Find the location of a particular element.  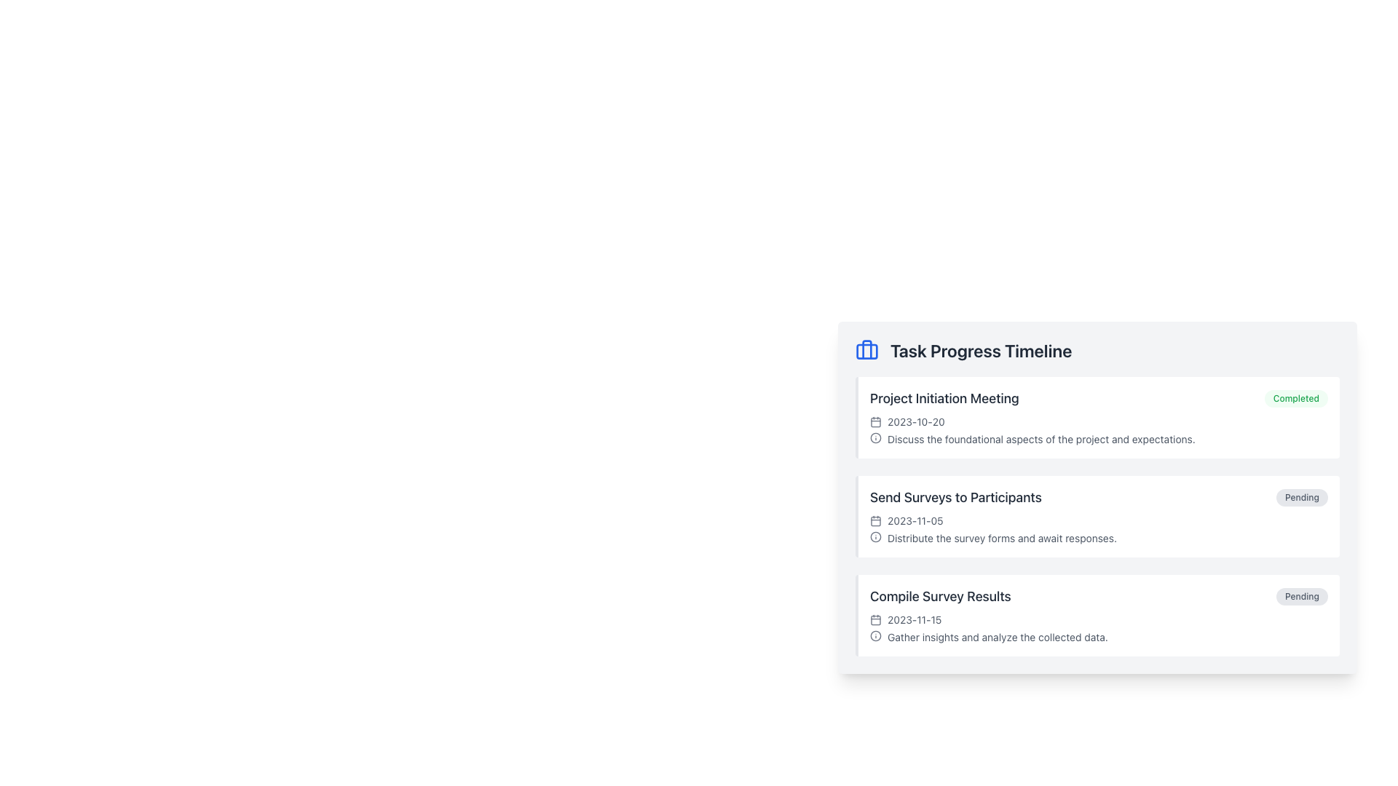

the 'Pending' status Label/Badge located at the end of the 'Send Surveys to Participants' text row in the 'Task Progress Timeline' section is located at coordinates (1302, 496).